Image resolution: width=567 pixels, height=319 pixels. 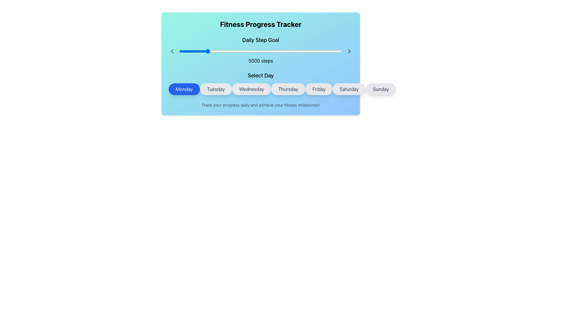 I want to click on keyboard navigation, so click(x=216, y=89).